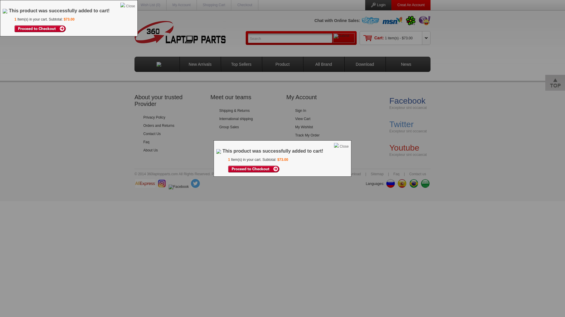 This screenshot has height=317, width=565. I want to click on 'Top Sellers', so click(241, 64).